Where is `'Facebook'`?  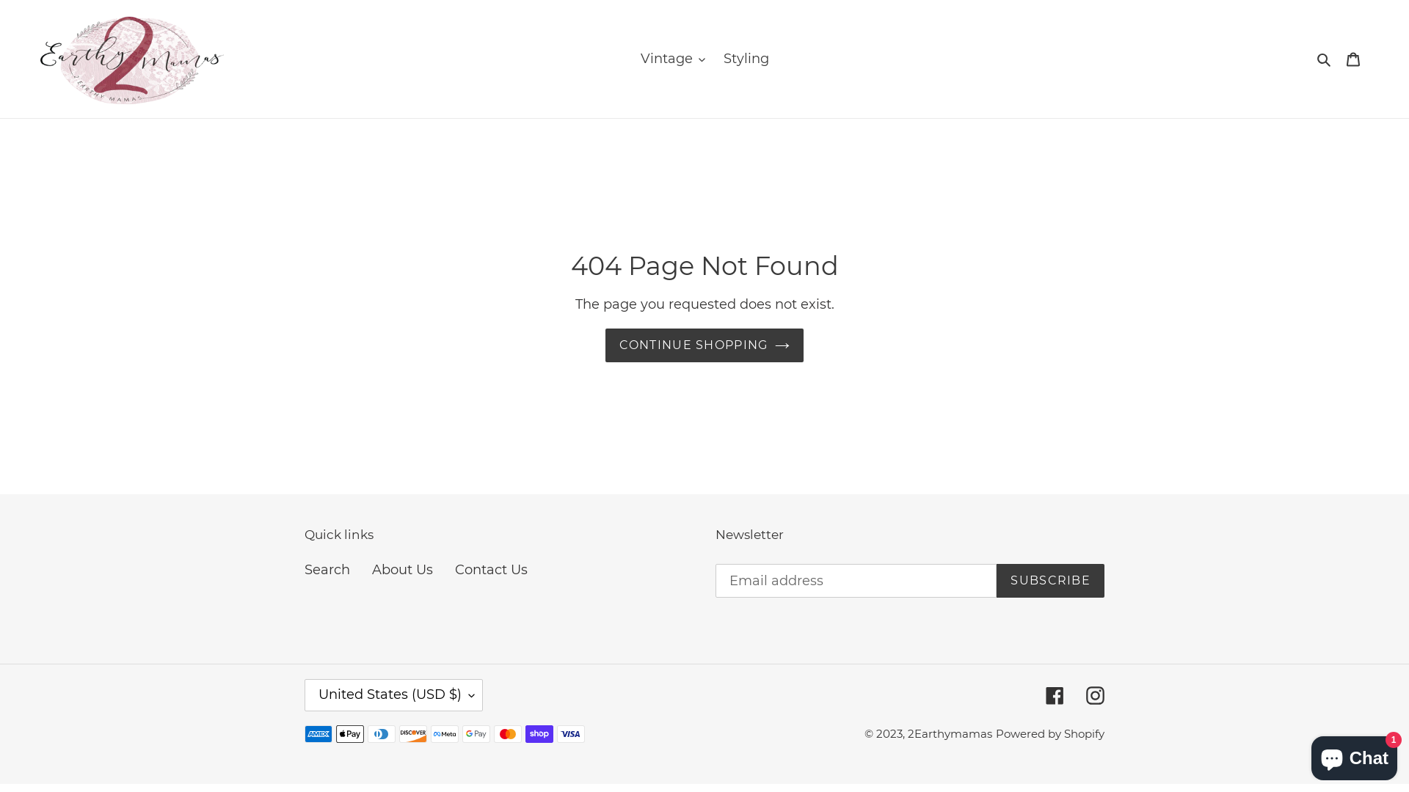
'Facebook' is located at coordinates (1054, 694).